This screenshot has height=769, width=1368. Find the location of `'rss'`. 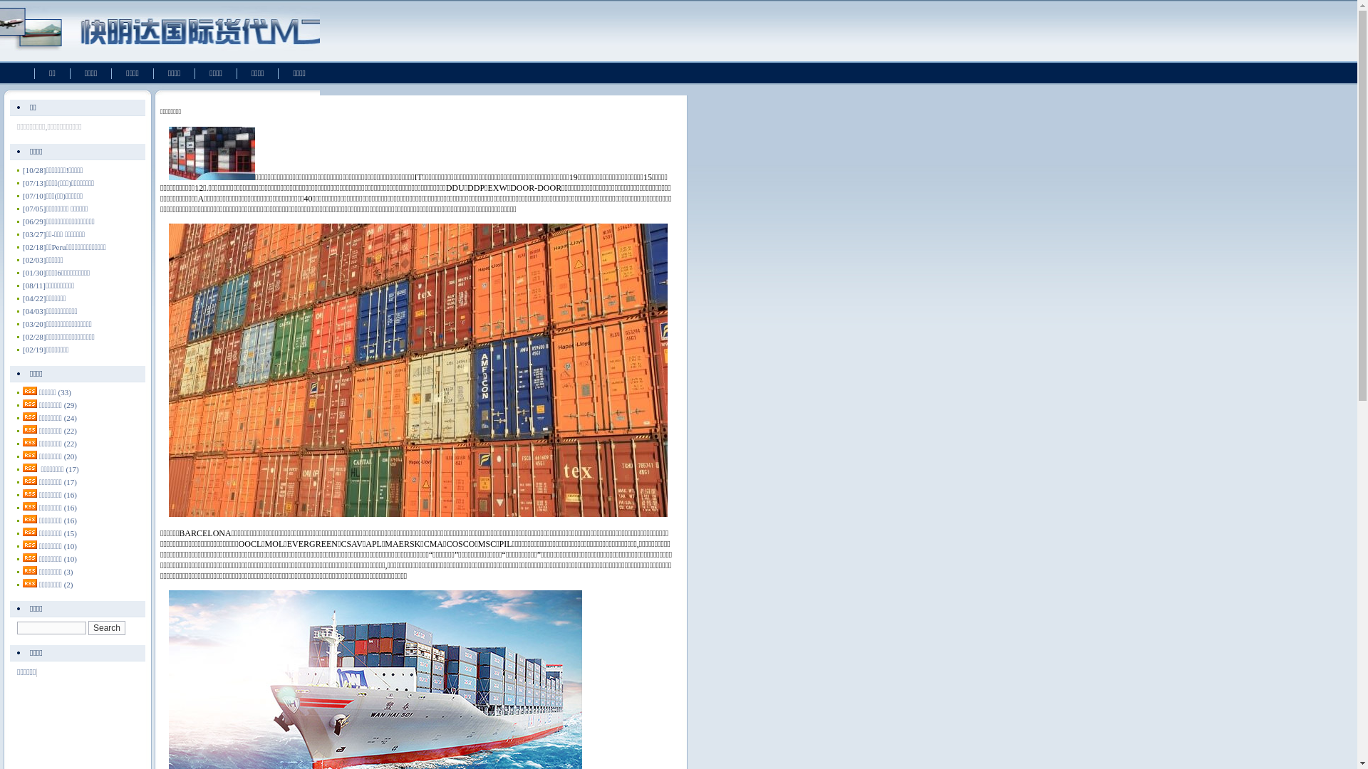

'rss' is located at coordinates (30, 544).